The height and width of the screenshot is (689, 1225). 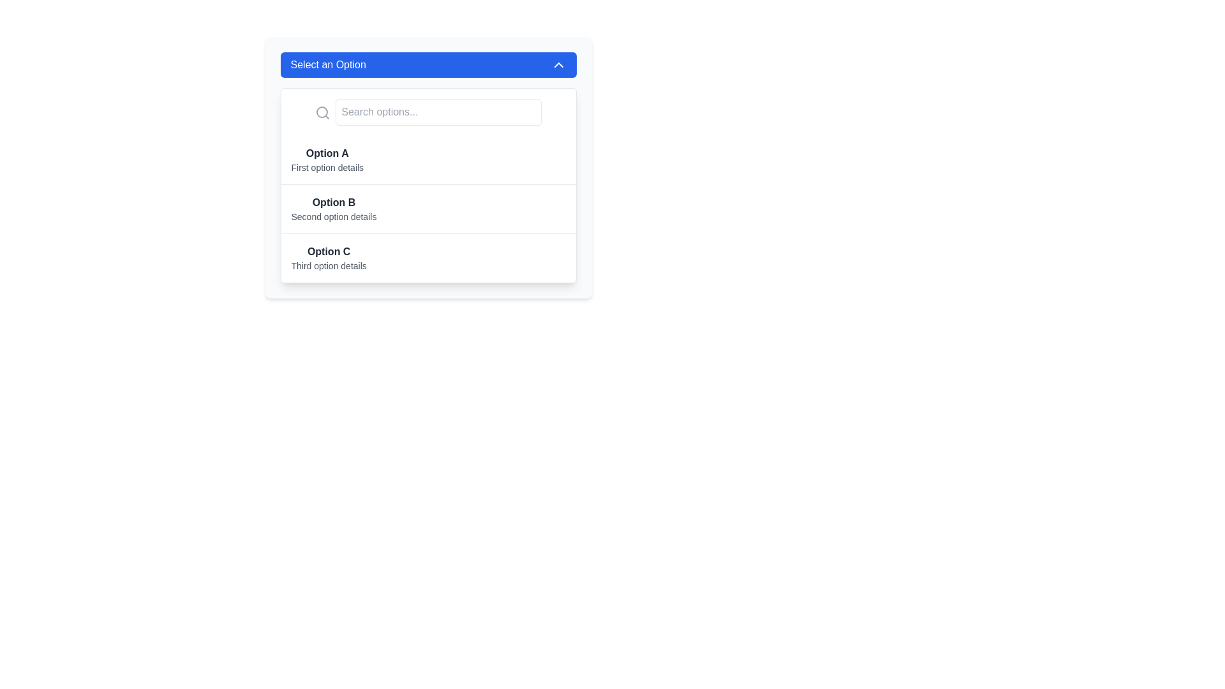 What do you see at coordinates (428, 167) in the screenshot?
I see `an option in the dropdown menu titled 'Select an Option', which contains a search bar and a list of options` at bounding box center [428, 167].